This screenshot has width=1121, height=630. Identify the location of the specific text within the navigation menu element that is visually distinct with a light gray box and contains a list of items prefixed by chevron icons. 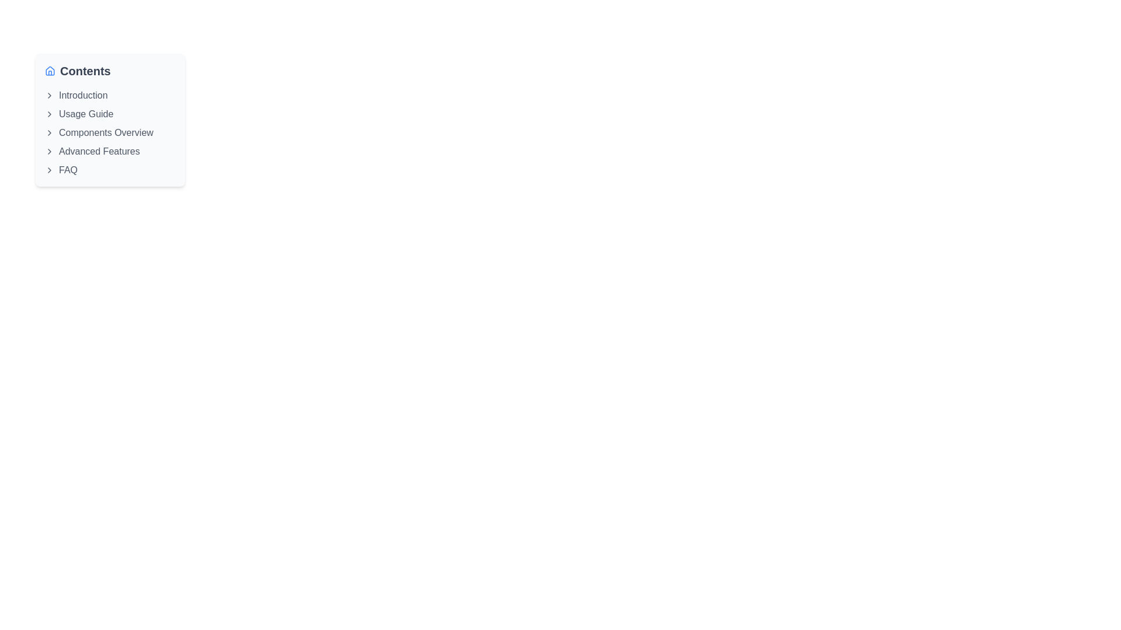
(110, 120).